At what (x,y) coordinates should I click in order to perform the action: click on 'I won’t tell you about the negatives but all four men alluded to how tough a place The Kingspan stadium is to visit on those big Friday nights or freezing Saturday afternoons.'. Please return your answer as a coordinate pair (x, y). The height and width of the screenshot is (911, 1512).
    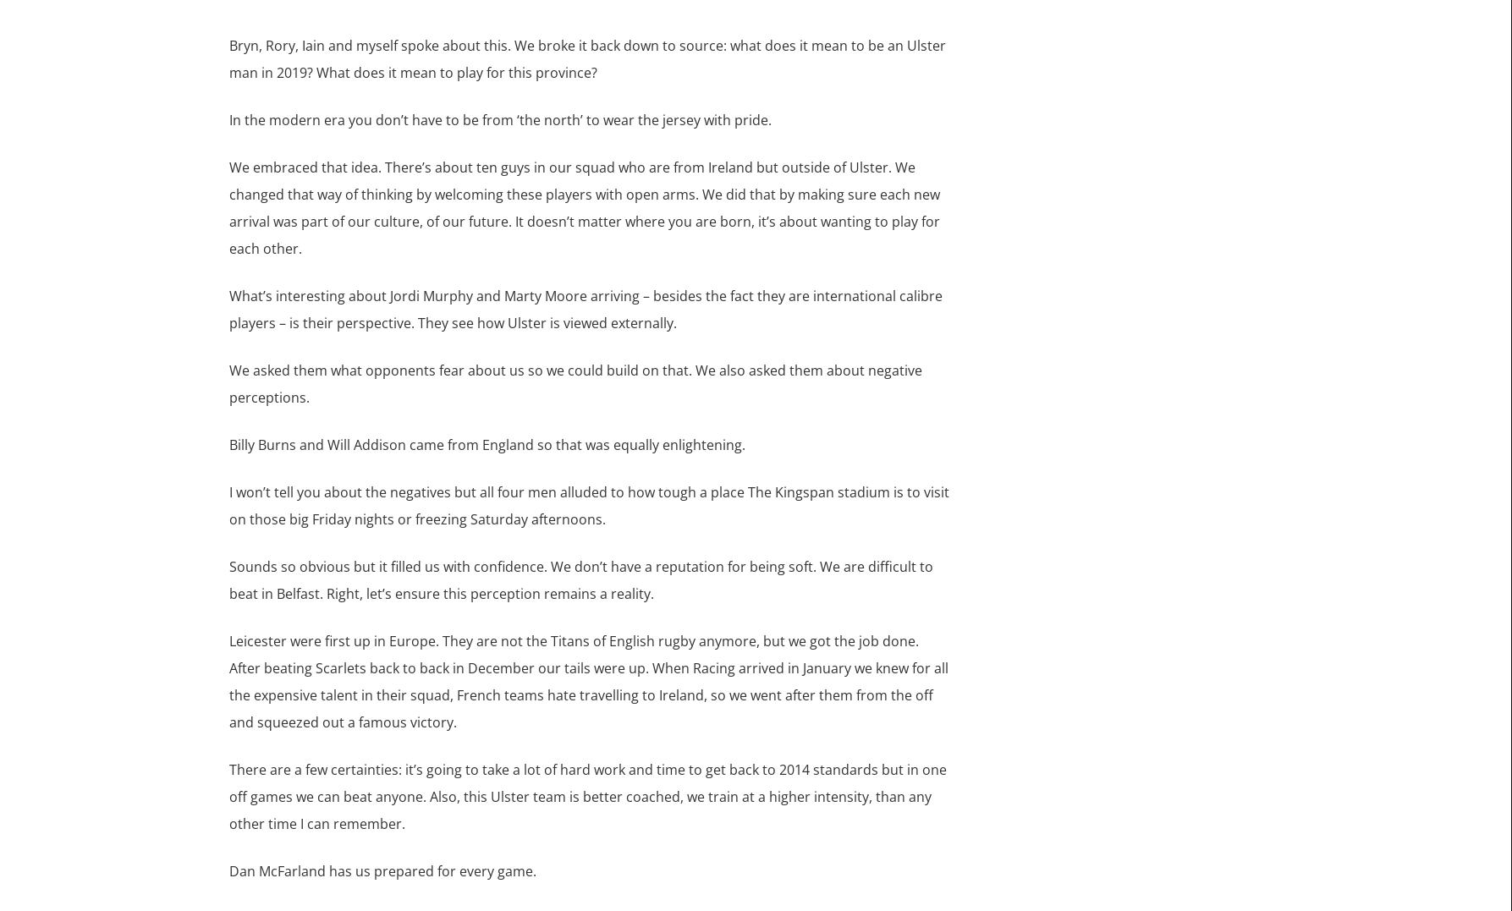
    Looking at the image, I should click on (587, 503).